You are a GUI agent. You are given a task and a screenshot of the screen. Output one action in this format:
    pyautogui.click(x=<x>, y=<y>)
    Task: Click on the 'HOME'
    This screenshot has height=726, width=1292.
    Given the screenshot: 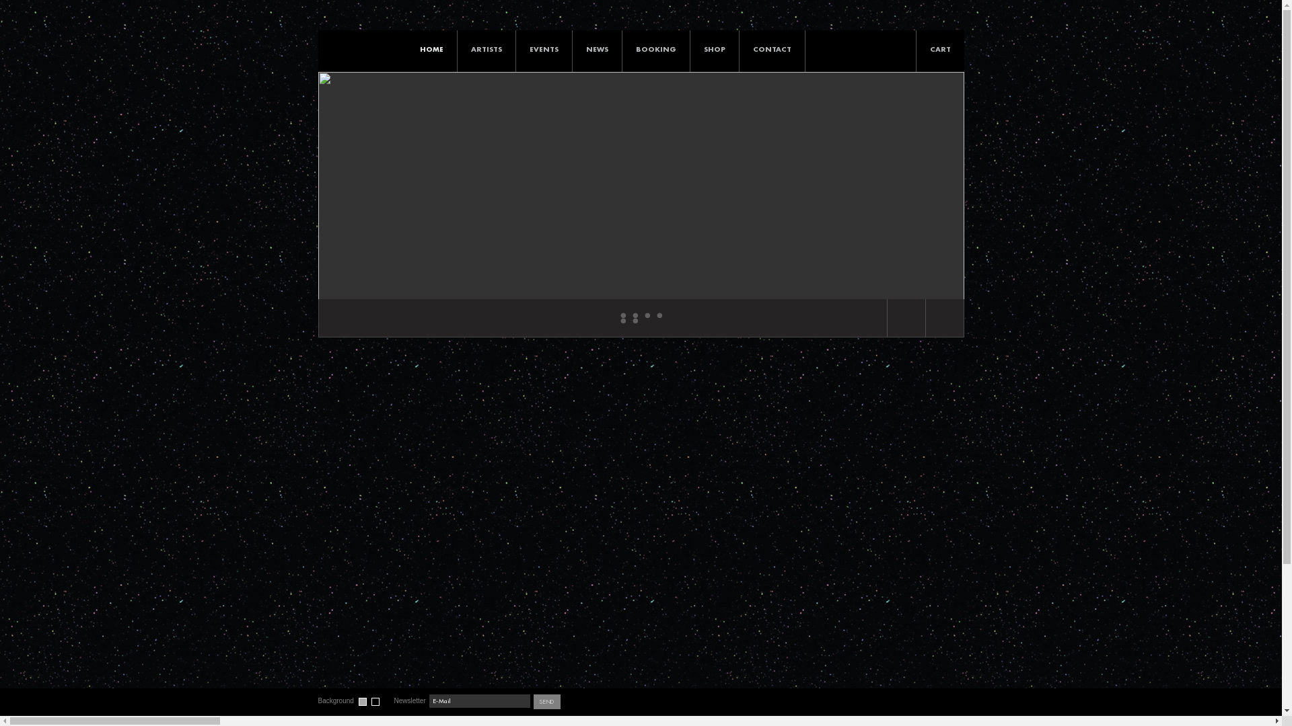 What is the action you would take?
    pyautogui.click(x=431, y=48)
    